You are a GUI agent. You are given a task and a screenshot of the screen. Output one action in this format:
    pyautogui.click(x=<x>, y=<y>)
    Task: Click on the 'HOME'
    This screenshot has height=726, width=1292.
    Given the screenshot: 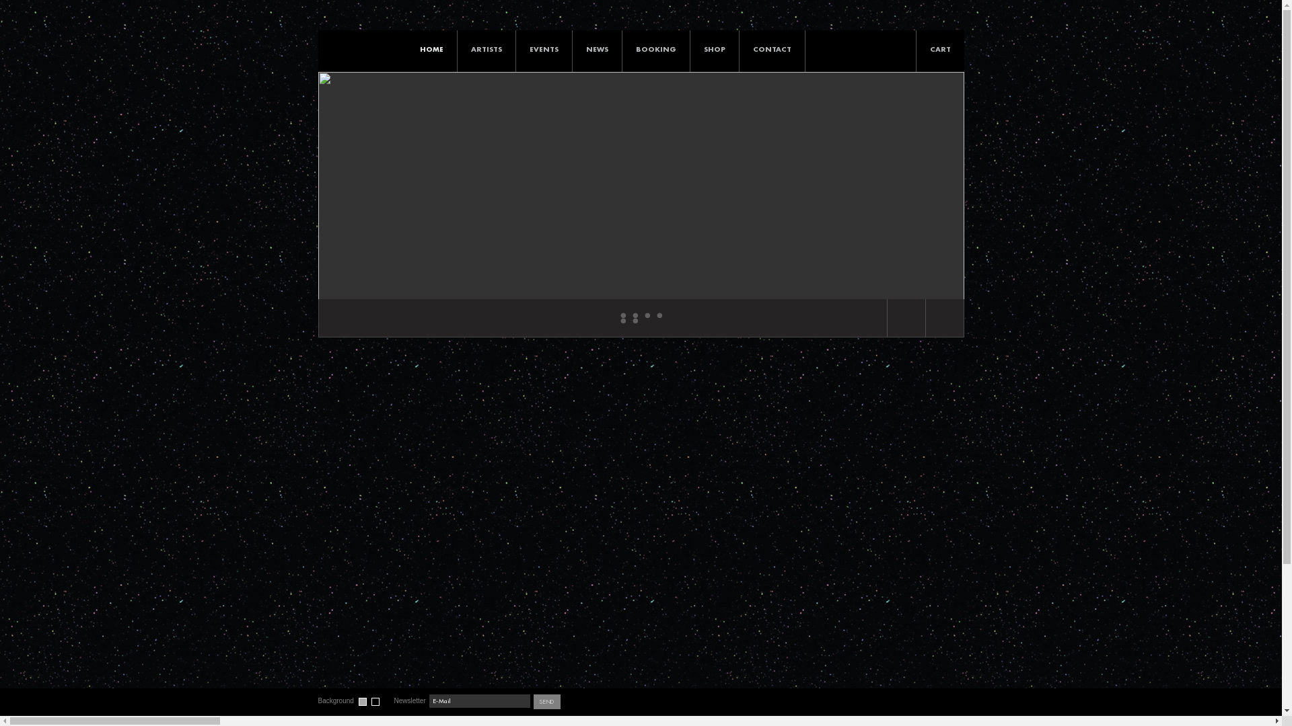 What is the action you would take?
    pyautogui.click(x=431, y=48)
    